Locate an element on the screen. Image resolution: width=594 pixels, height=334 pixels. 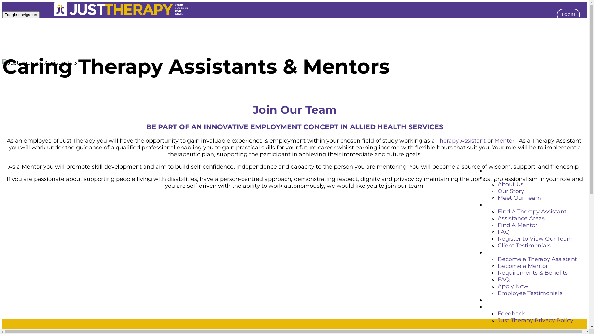
'Just Therapy Privacy Policy' is located at coordinates (497, 320).